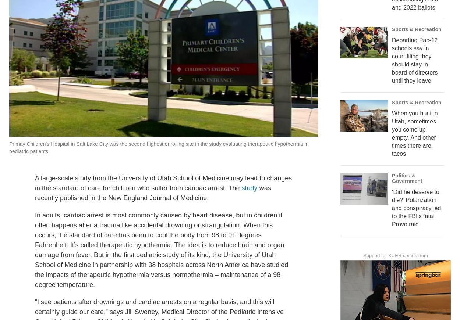 The width and height of the screenshot is (460, 320). Describe the element at coordinates (416, 223) in the screenshot. I see `'‘Did he deserve to die?’ Polarization and conspiracy led to the FBI’s fatal Provo raid'` at that location.